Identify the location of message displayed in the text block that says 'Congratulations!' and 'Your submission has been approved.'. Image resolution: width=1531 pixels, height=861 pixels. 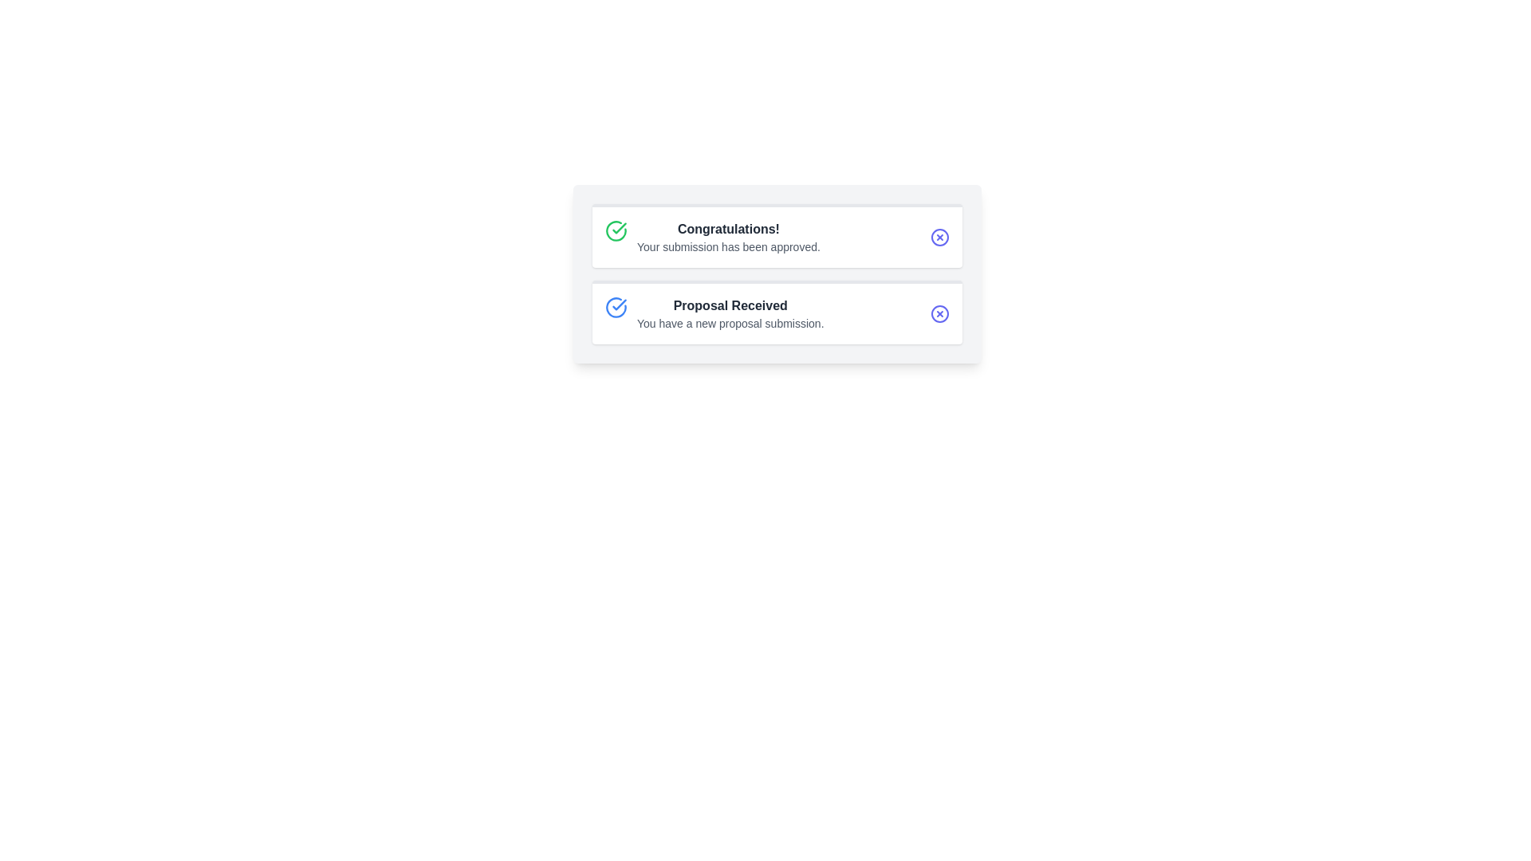
(727, 237).